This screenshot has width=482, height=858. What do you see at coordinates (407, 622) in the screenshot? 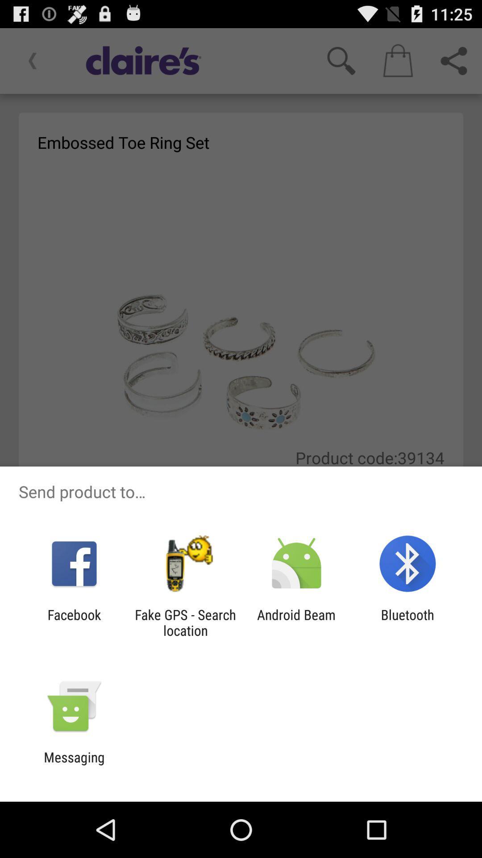
I see `bluetooth icon` at bounding box center [407, 622].